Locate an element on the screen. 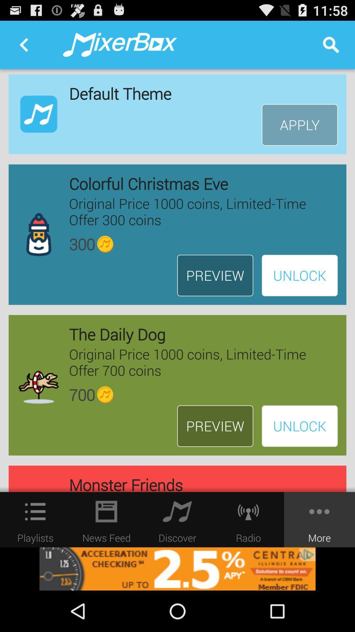  text which is right to the back button is located at coordinates (120, 44).